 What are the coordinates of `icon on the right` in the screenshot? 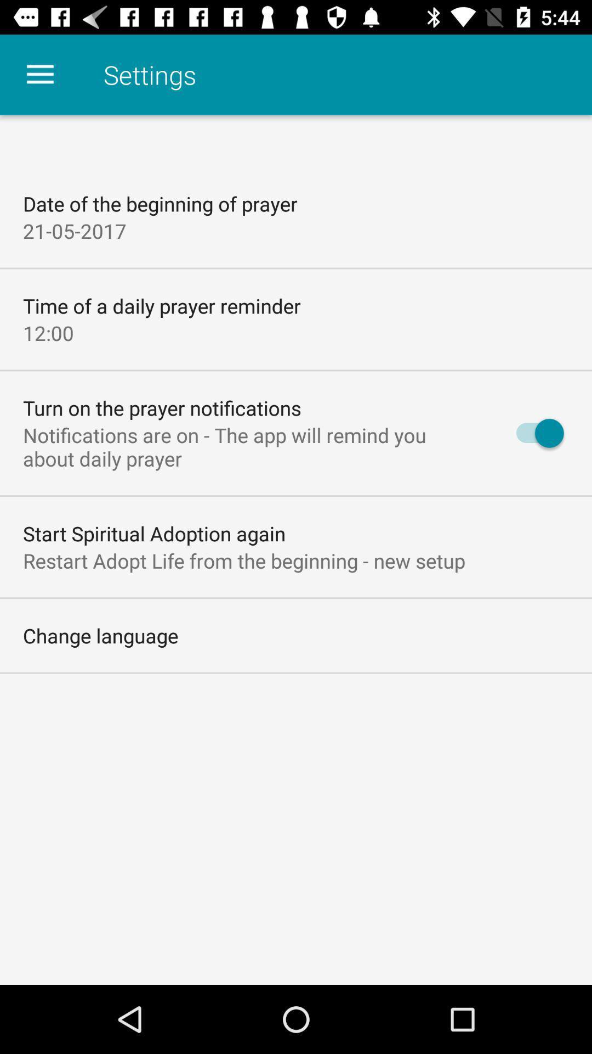 It's located at (534, 433).